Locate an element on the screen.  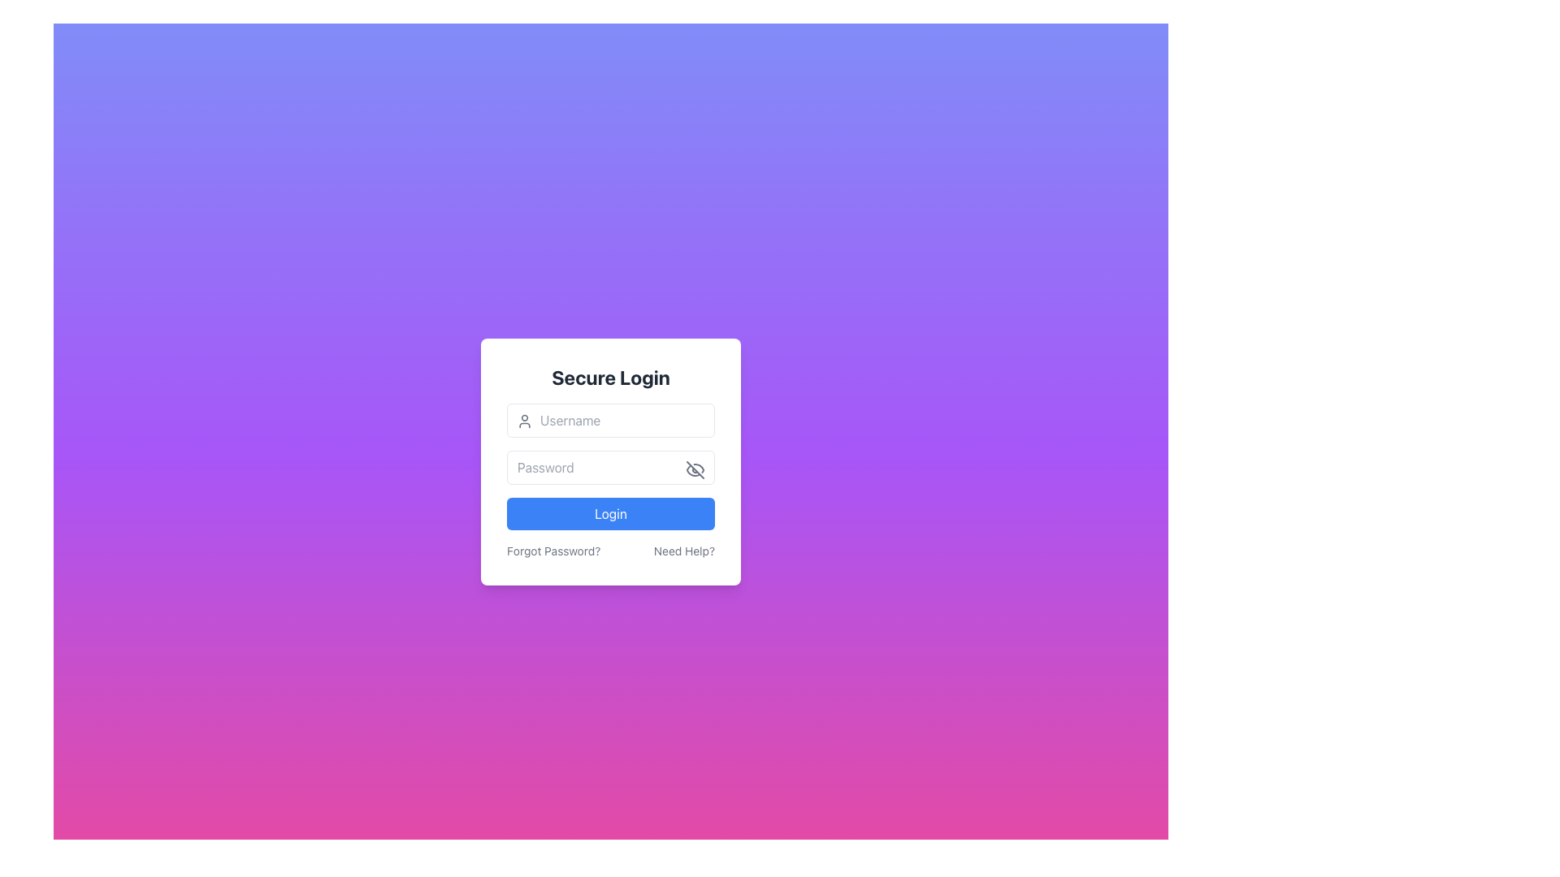
the 'Forgot Password?' hyperlink located in the bottom left corner beneath the 'Login' button is located at coordinates (553, 550).